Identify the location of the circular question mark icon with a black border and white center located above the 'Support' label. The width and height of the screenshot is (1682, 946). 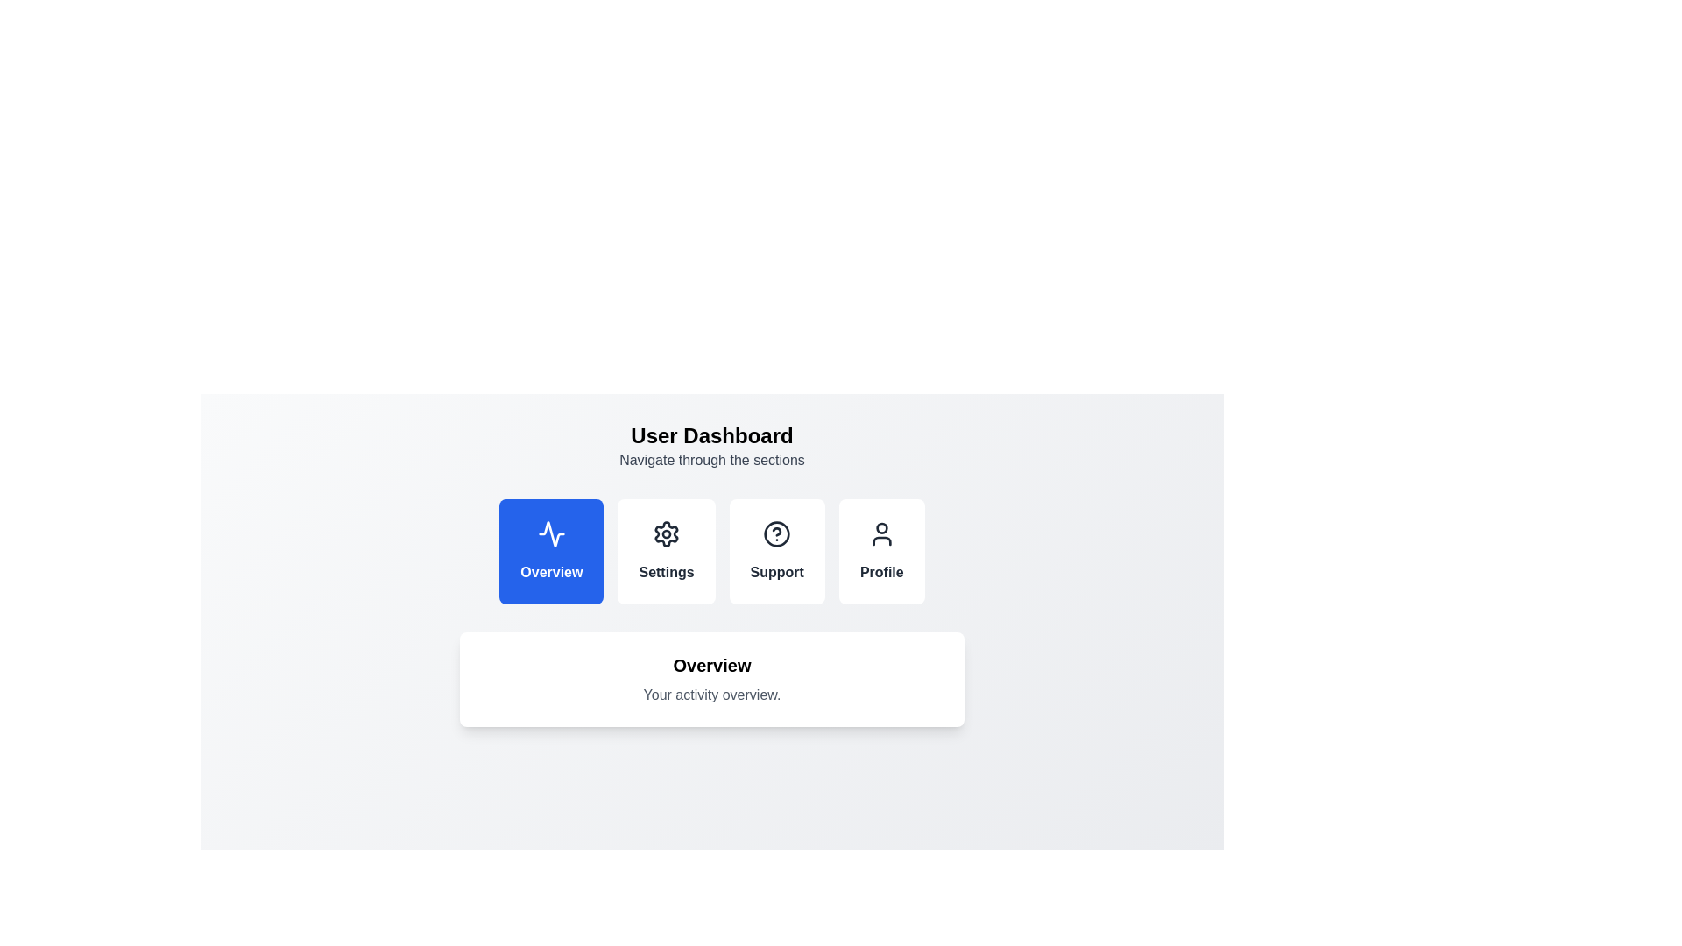
(776, 533).